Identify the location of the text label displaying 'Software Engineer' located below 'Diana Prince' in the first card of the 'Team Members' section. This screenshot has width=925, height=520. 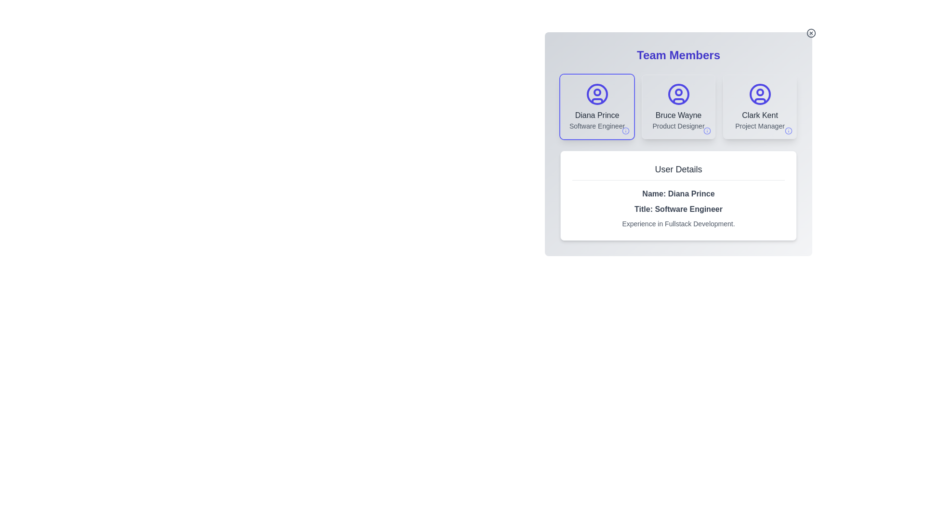
(596, 126).